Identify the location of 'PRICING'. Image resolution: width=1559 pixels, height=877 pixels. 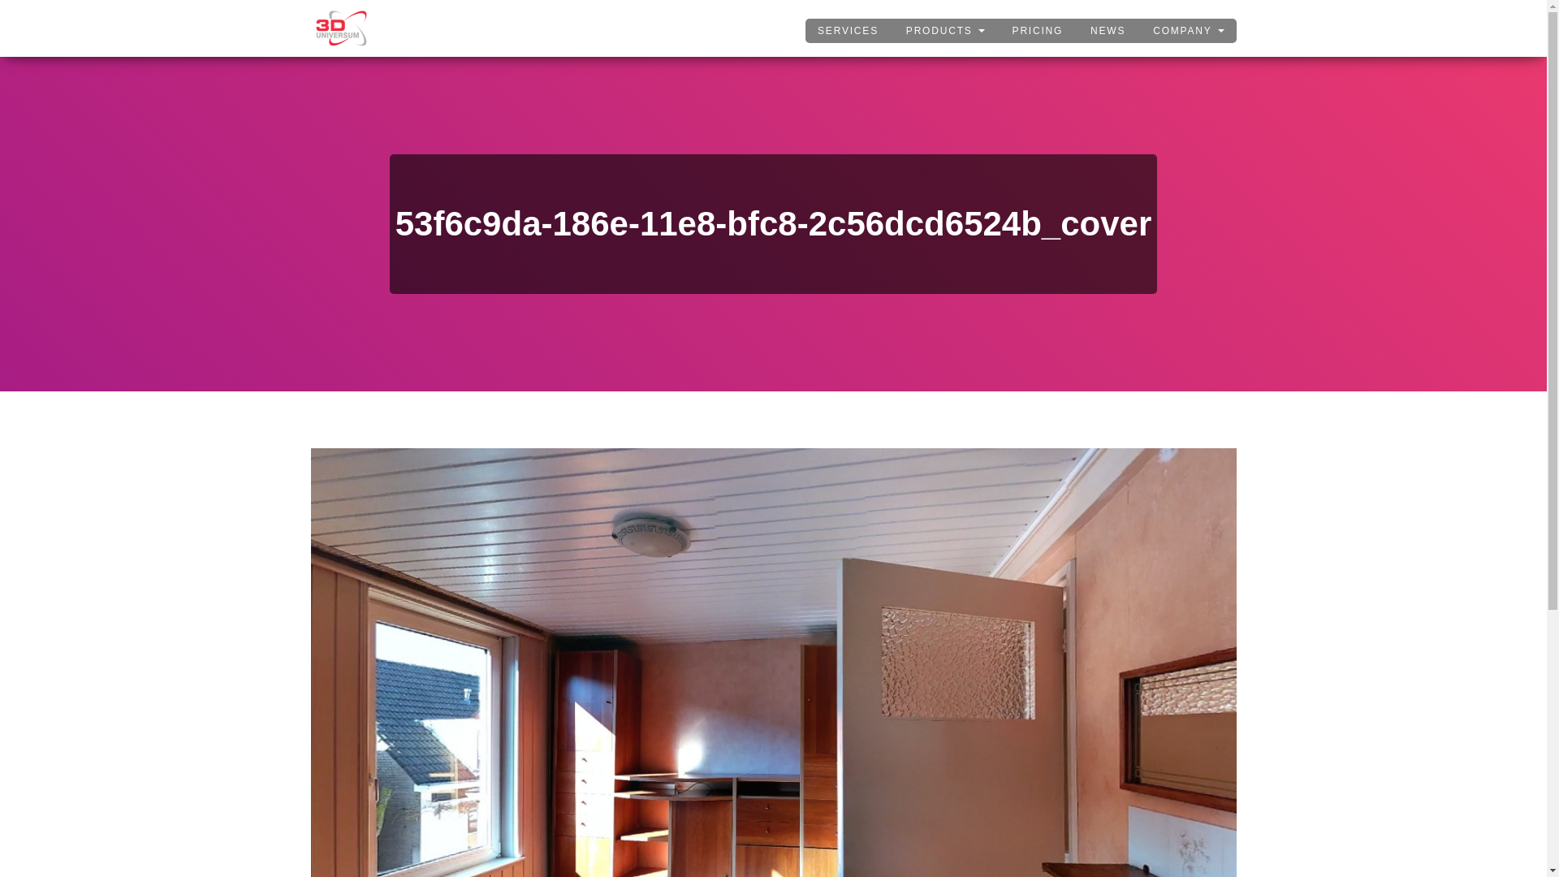
(1037, 30).